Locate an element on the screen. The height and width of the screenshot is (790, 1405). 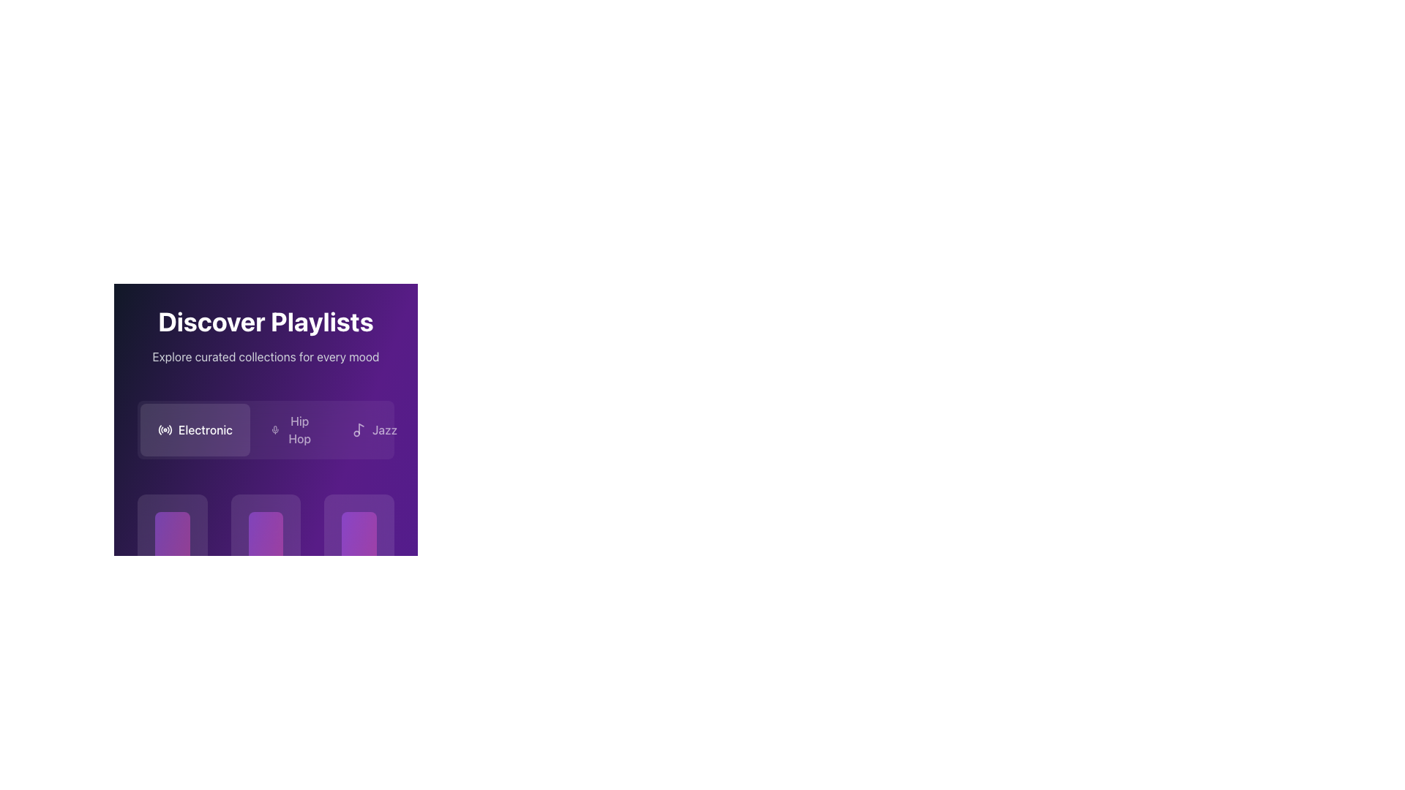
the static text element that reads 'Explore curated collections for every mood', which is styled in a lighter gray shade and located below the heading 'Discover Playlists' is located at coordinates (266, 357).